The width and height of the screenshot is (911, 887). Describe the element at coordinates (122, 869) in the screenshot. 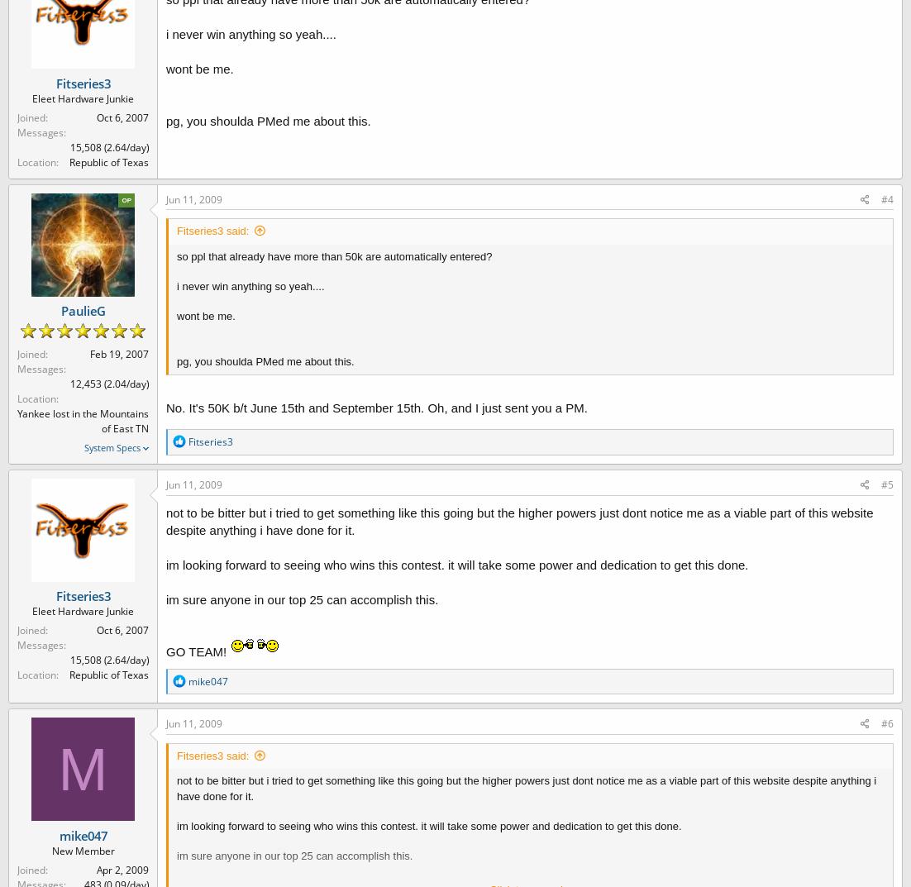

I see `'Apr 2, 2009'` at that location.